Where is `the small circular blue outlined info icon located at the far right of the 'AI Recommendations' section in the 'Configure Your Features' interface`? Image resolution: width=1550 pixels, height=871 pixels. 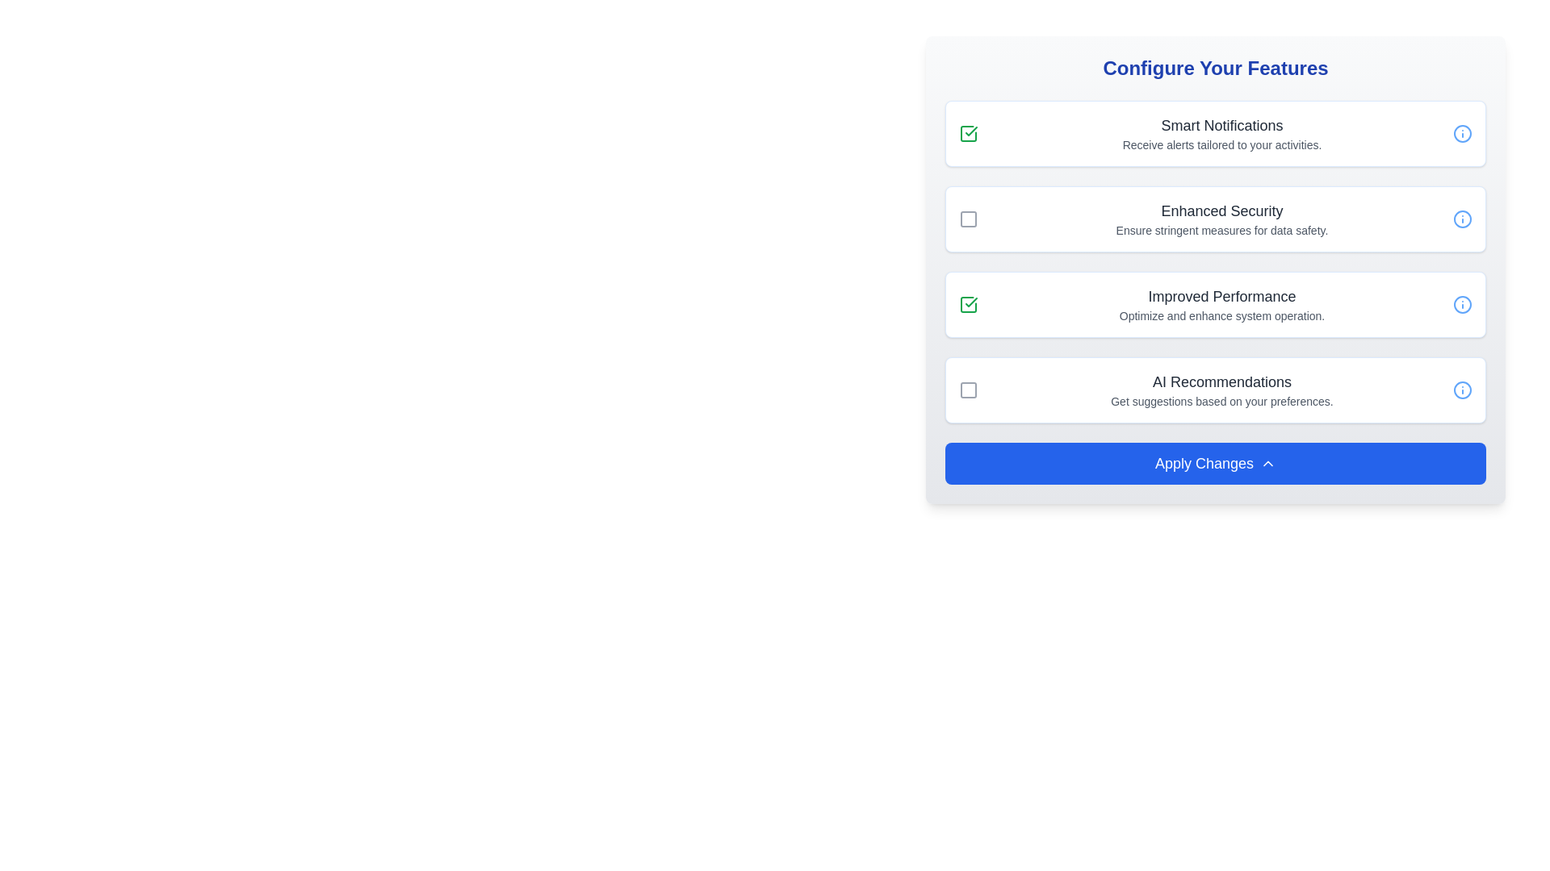
the small circular blue outlined info icon located at the far right of the 'AI Recommendations' section in the 'Configure Your Features' interface is located at coordinates (1462, 390).